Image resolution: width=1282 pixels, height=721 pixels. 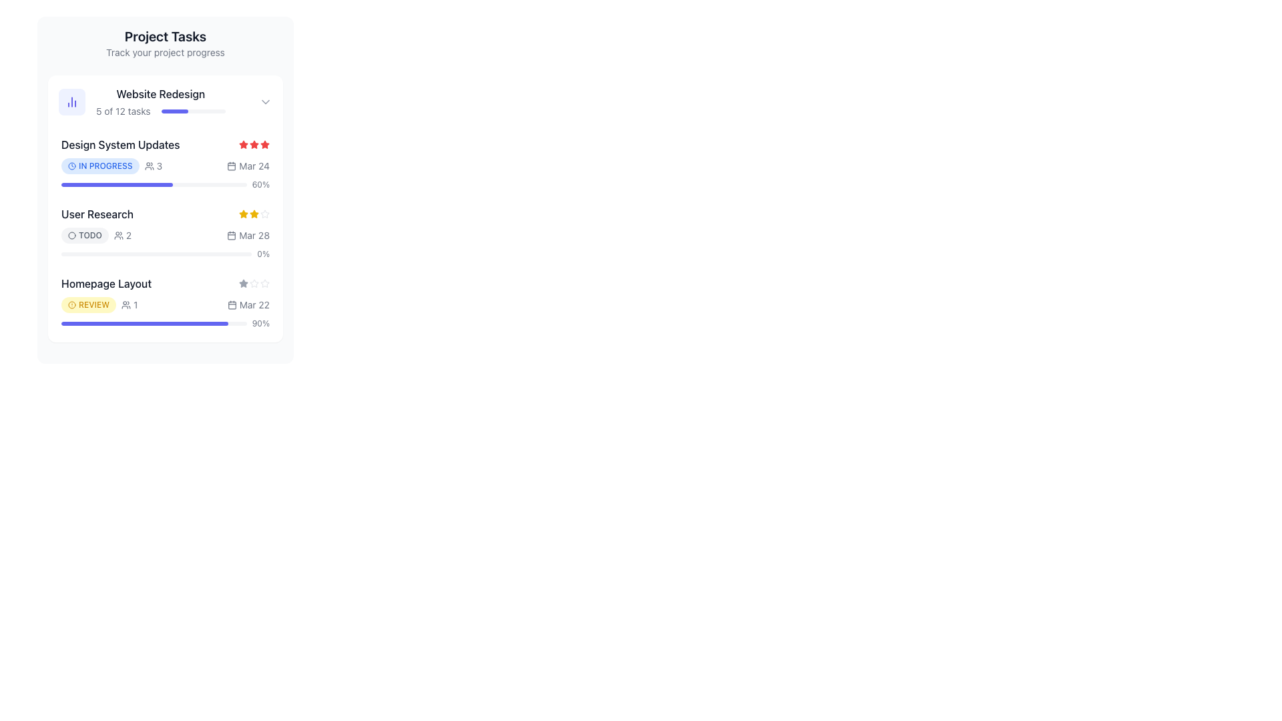 What do you see at coordinates (165, 35) in the screenshot?
I see `the Text Label that serves as a title for the project tracking section, located above the text 'Track your project progress'` at bounding box center [165, 35].